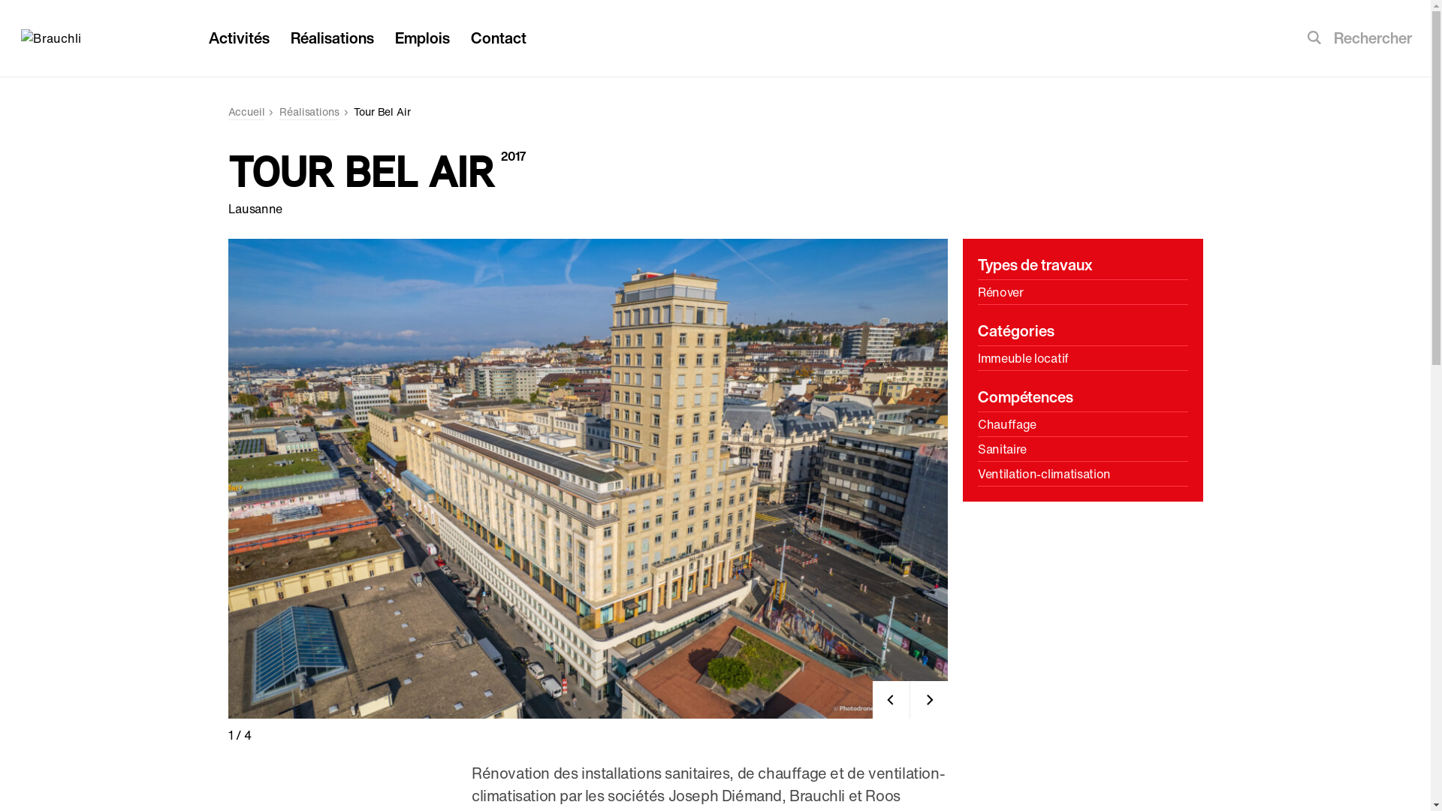  Describe the element at coordinates (1307, 37) in the screenshot. I see `'Soumettre la recherche'` at that location.